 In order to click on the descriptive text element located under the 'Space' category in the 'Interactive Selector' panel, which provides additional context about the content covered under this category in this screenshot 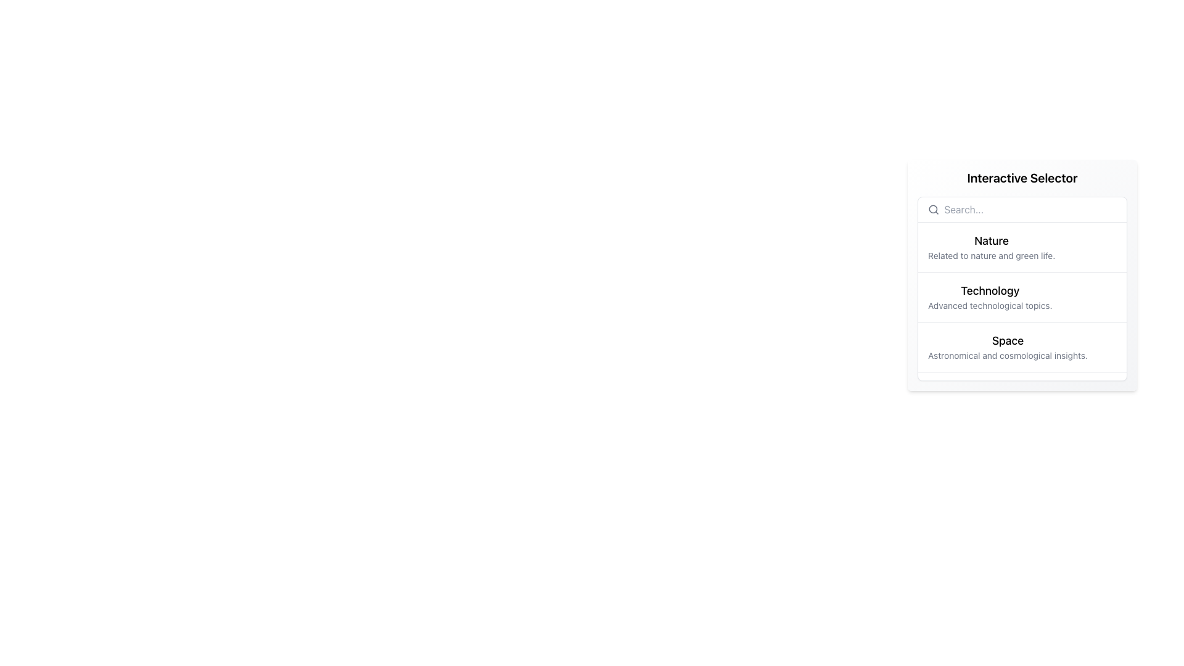, I will do `click(1008, 356)`.